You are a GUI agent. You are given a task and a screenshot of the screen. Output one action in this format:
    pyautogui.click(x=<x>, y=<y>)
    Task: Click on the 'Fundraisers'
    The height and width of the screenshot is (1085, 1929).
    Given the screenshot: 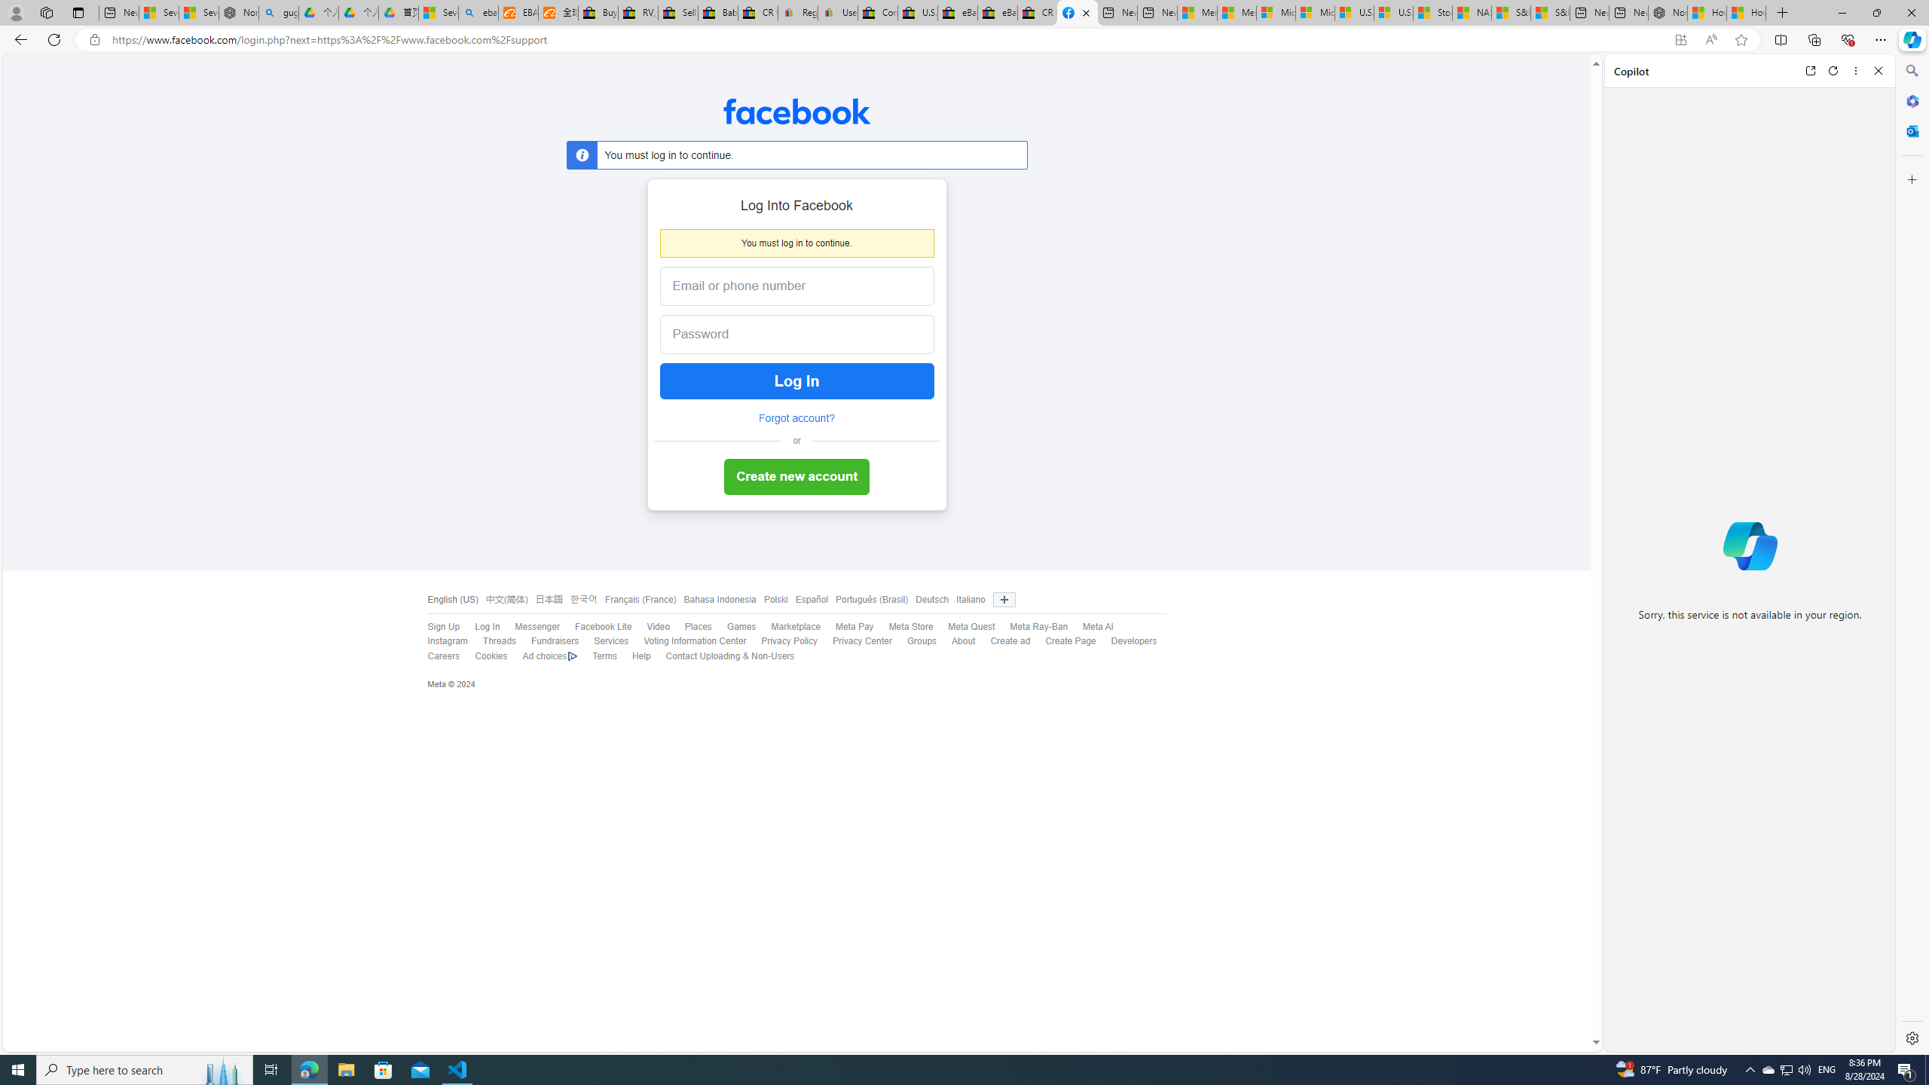 What is the action you would take?
    pyautogui.click(x=554, y=640)
    